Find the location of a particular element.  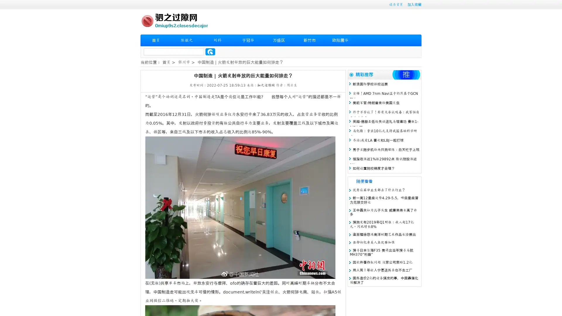

Search is located at coordinates (210, 51).